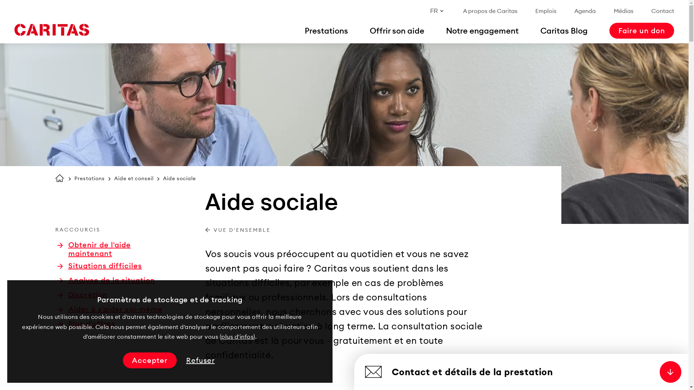 Image resolution: width=694 pixels, height=390 pixels. I want to click on 'Accepter', so click(149, 360).